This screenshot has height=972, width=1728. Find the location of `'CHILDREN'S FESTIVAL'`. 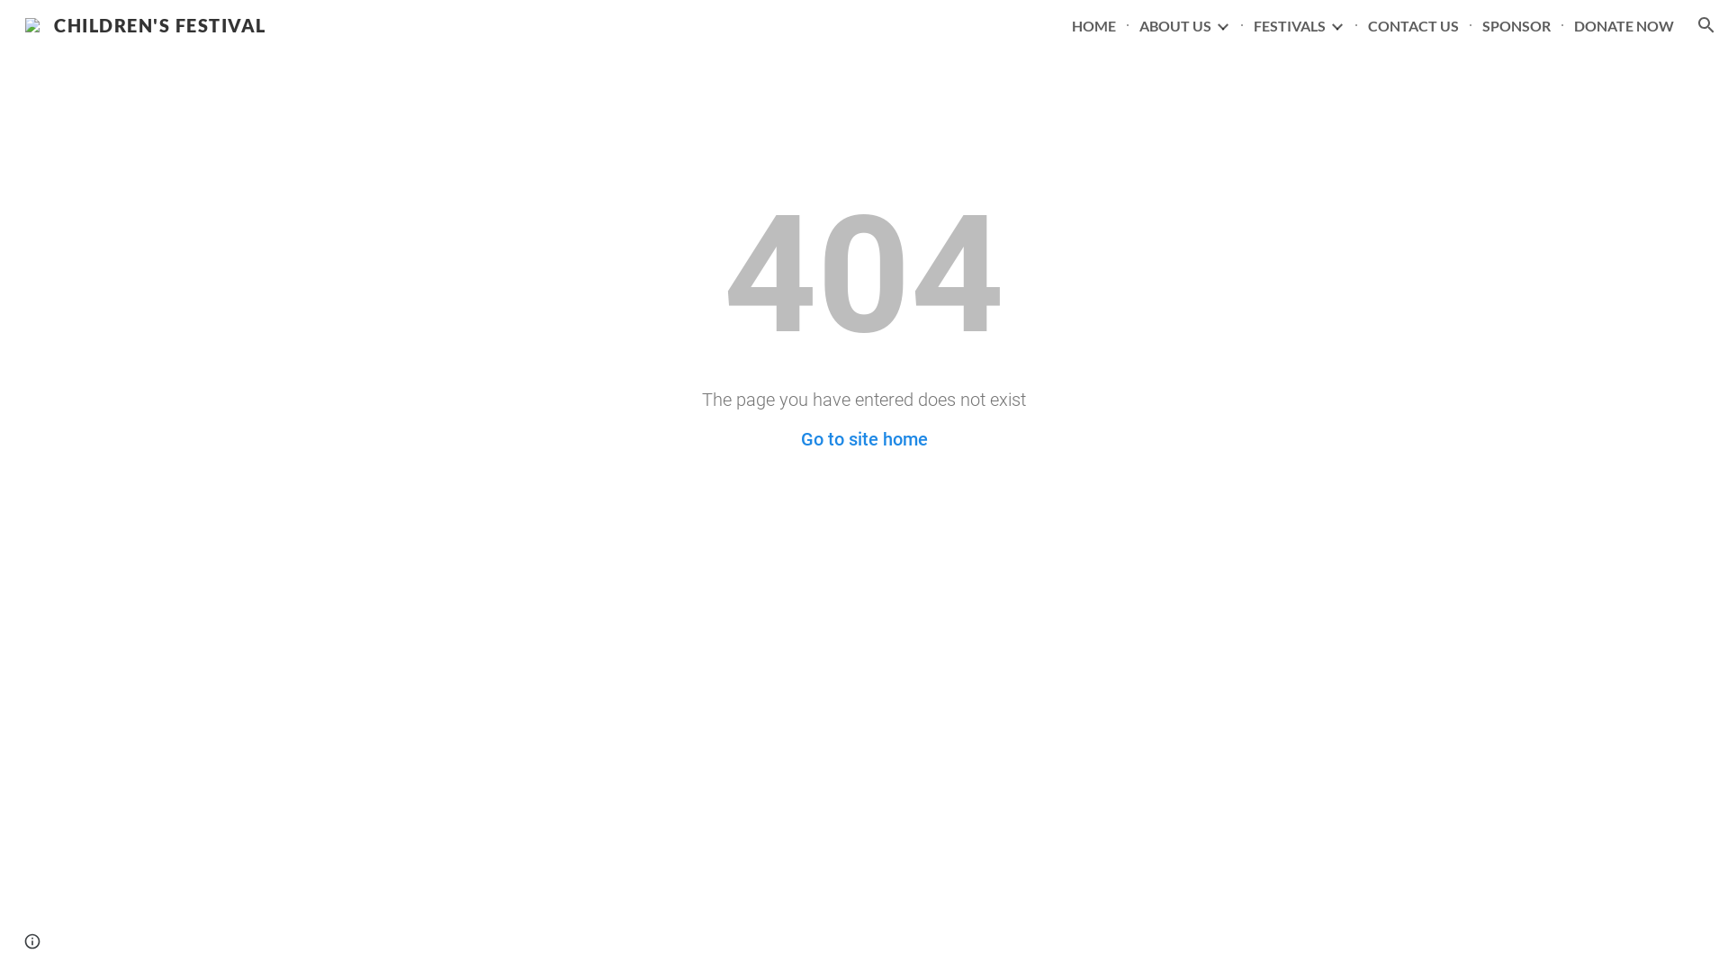

'CHILDREN'S FESTIVAL' is located at coordinates (146, 22).